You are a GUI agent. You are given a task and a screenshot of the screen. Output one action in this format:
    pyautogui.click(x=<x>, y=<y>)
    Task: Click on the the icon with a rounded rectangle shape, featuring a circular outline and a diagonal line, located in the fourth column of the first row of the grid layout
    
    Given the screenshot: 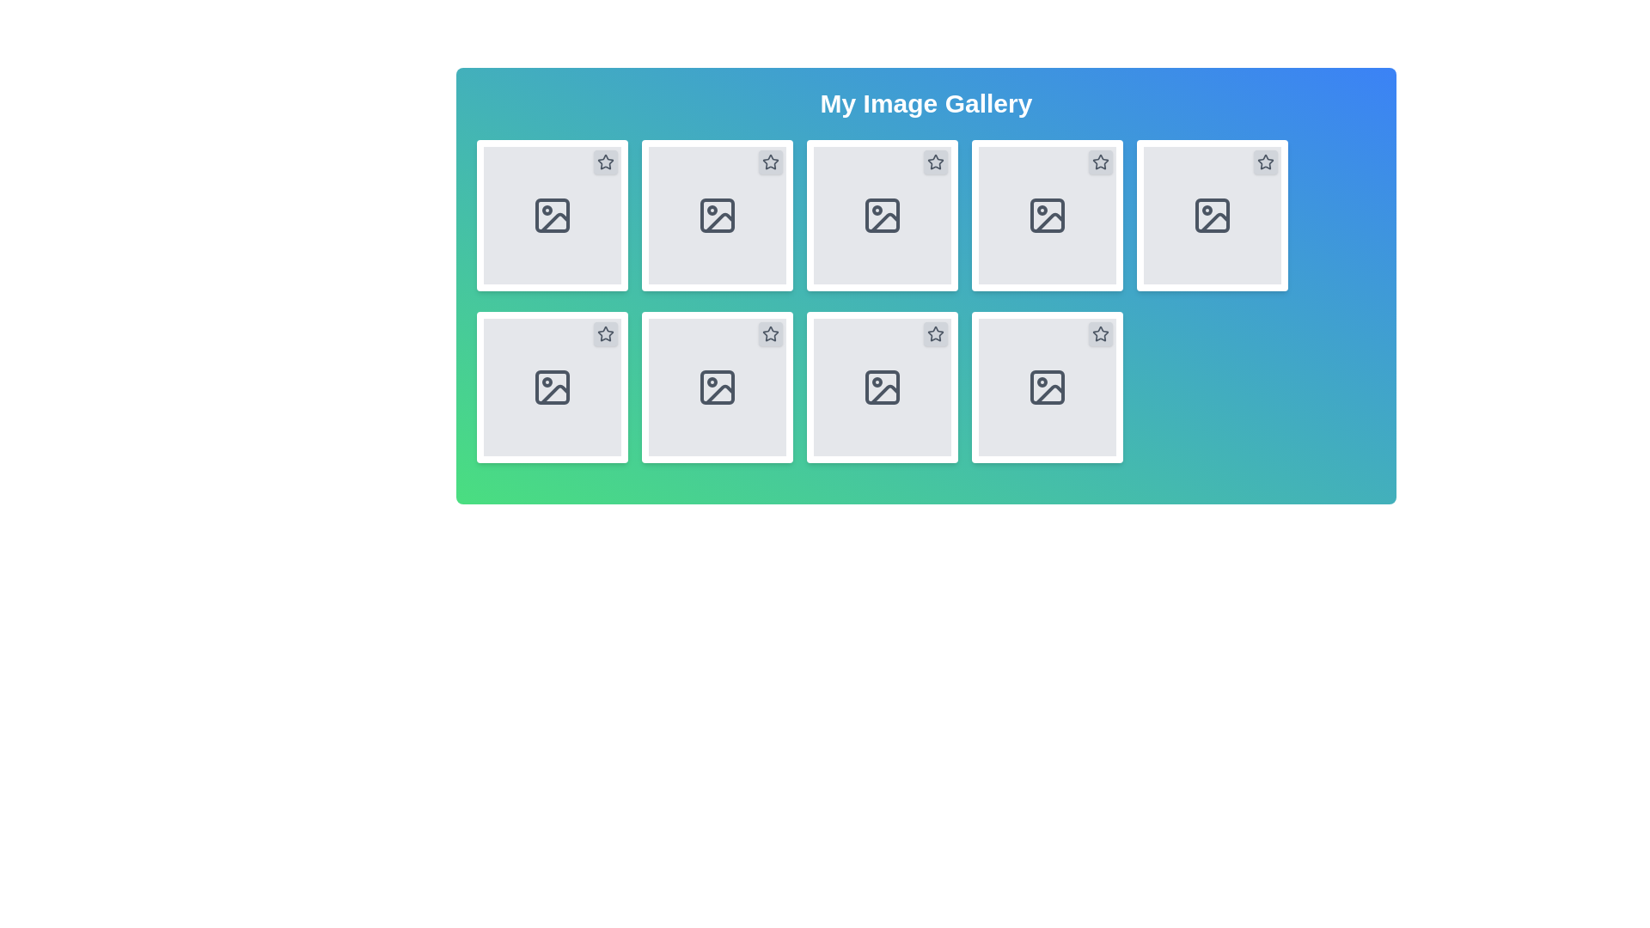 What is the action you would take?
    pyautogui.click(x=1047, y=214)
    